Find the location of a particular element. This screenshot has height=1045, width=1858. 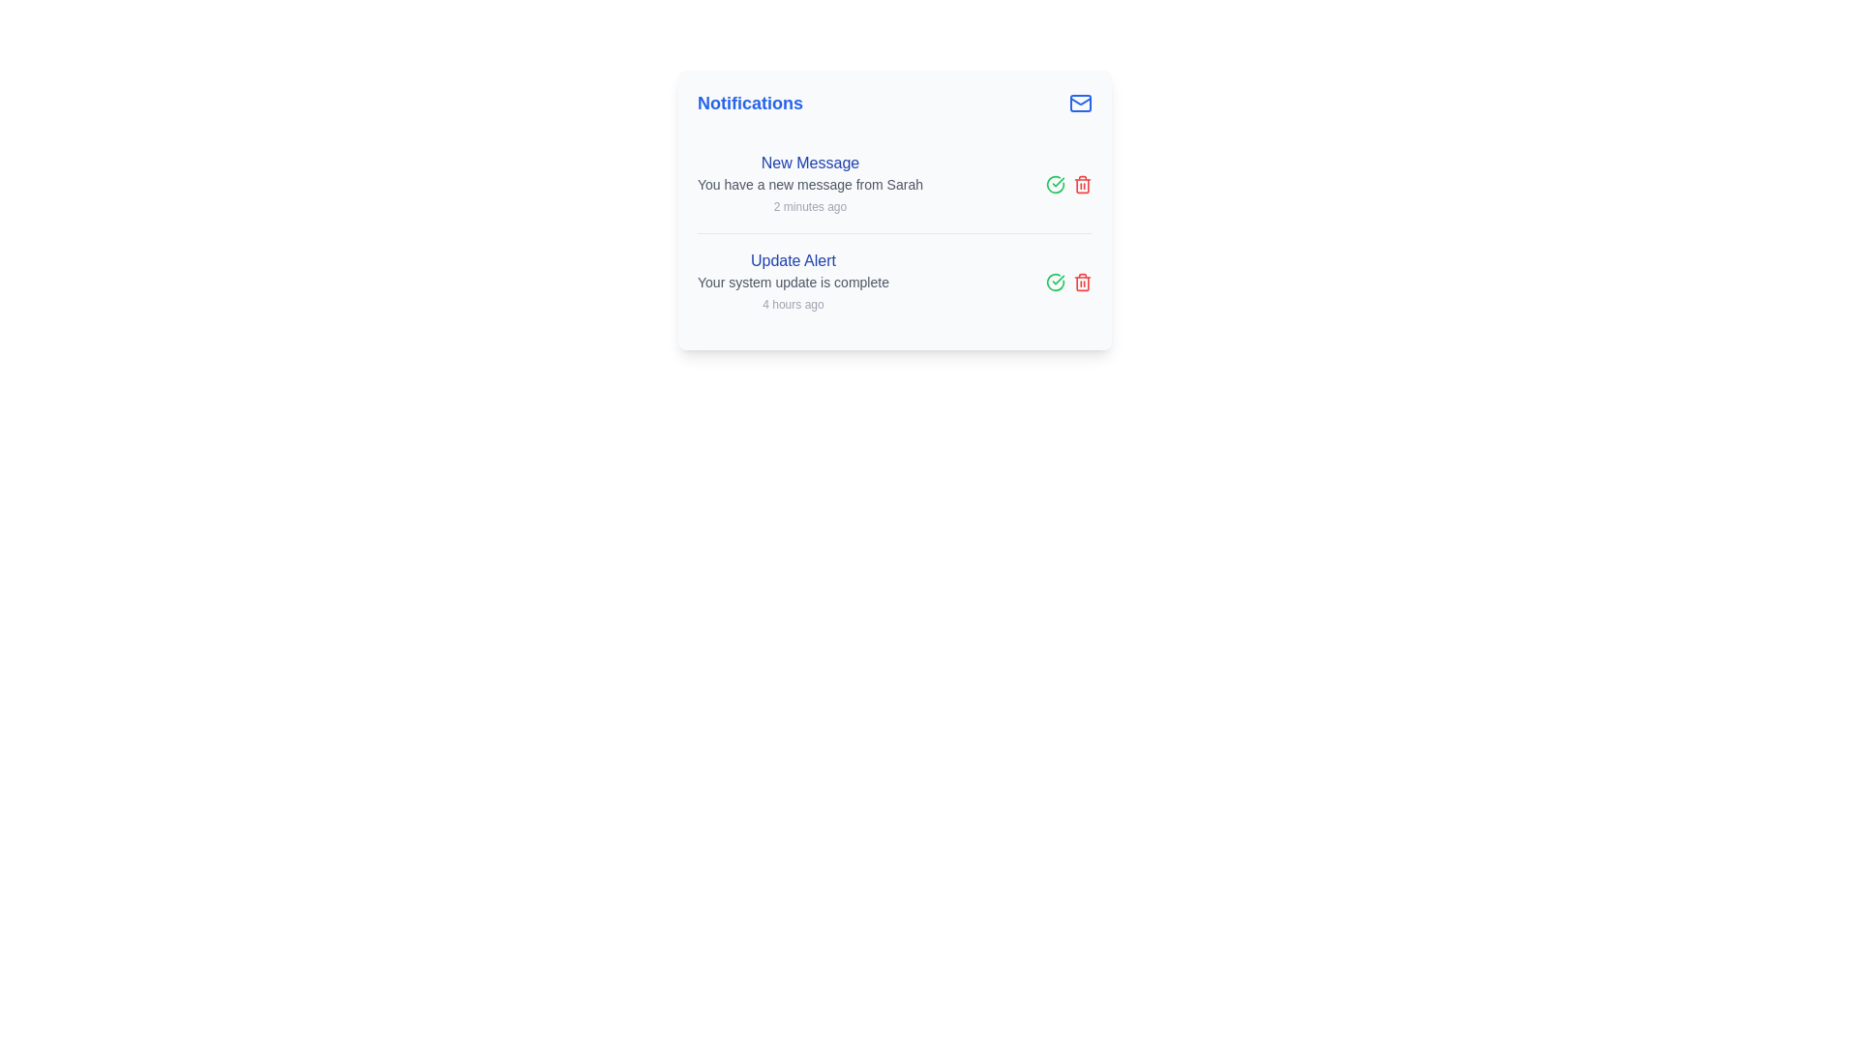

the first notification item displaying 'New Message' with the message 'You have a new message from Sarah' and timestamp '2 minutes ago' is located at coordinates (894, 185).